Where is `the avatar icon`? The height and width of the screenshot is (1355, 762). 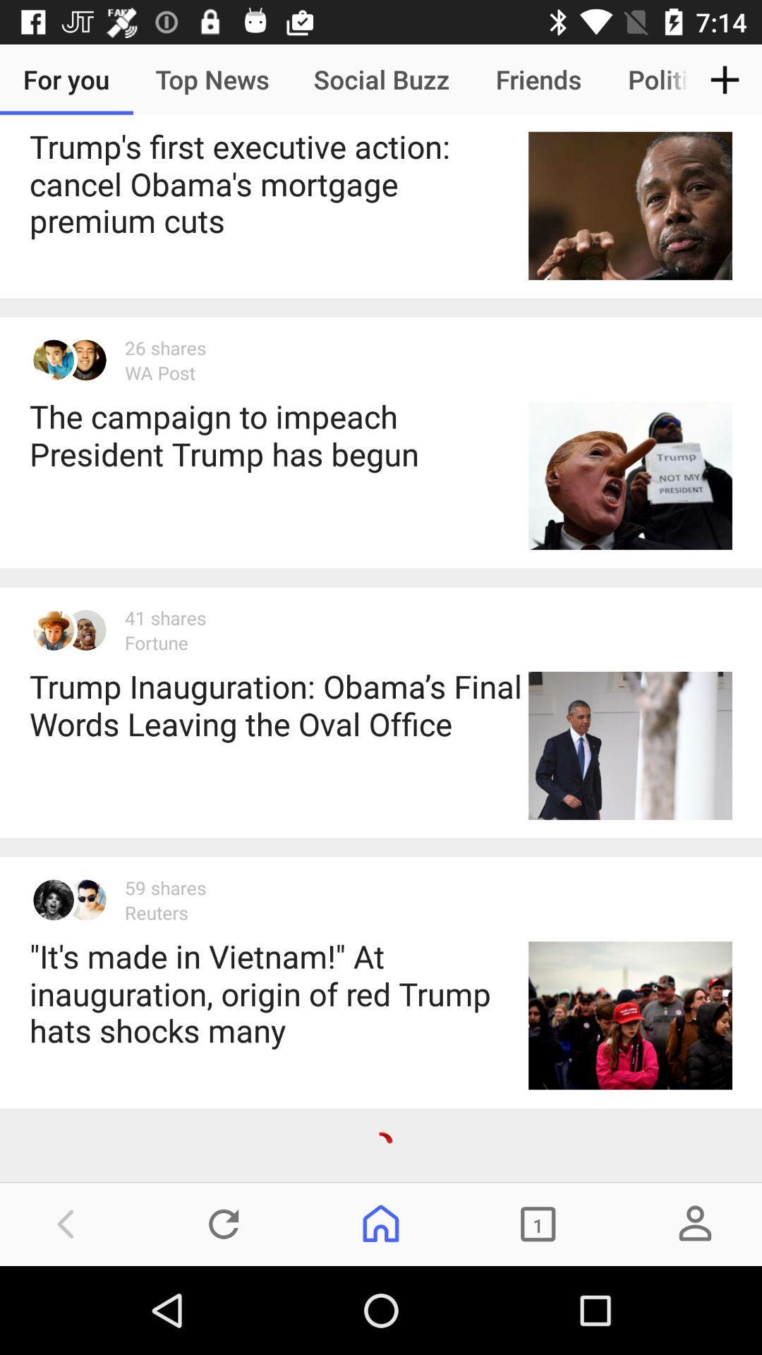 the avatar icon is located at coordinates (694, 1223).